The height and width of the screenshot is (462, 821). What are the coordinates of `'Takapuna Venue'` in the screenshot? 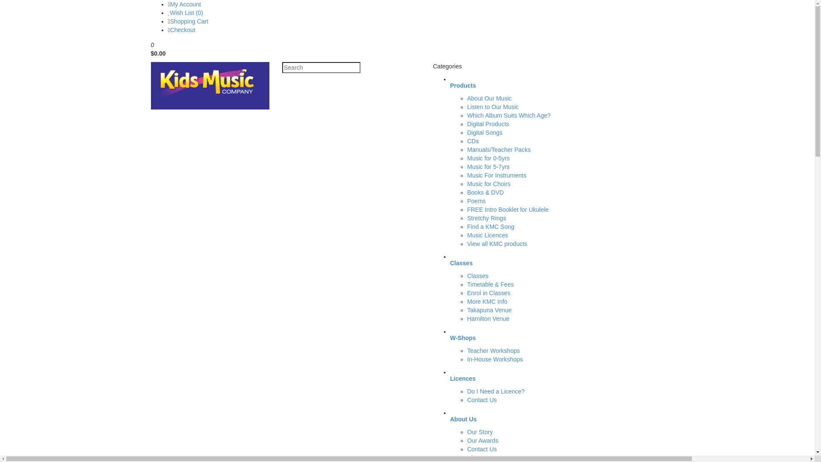 It's located at (489, 310).